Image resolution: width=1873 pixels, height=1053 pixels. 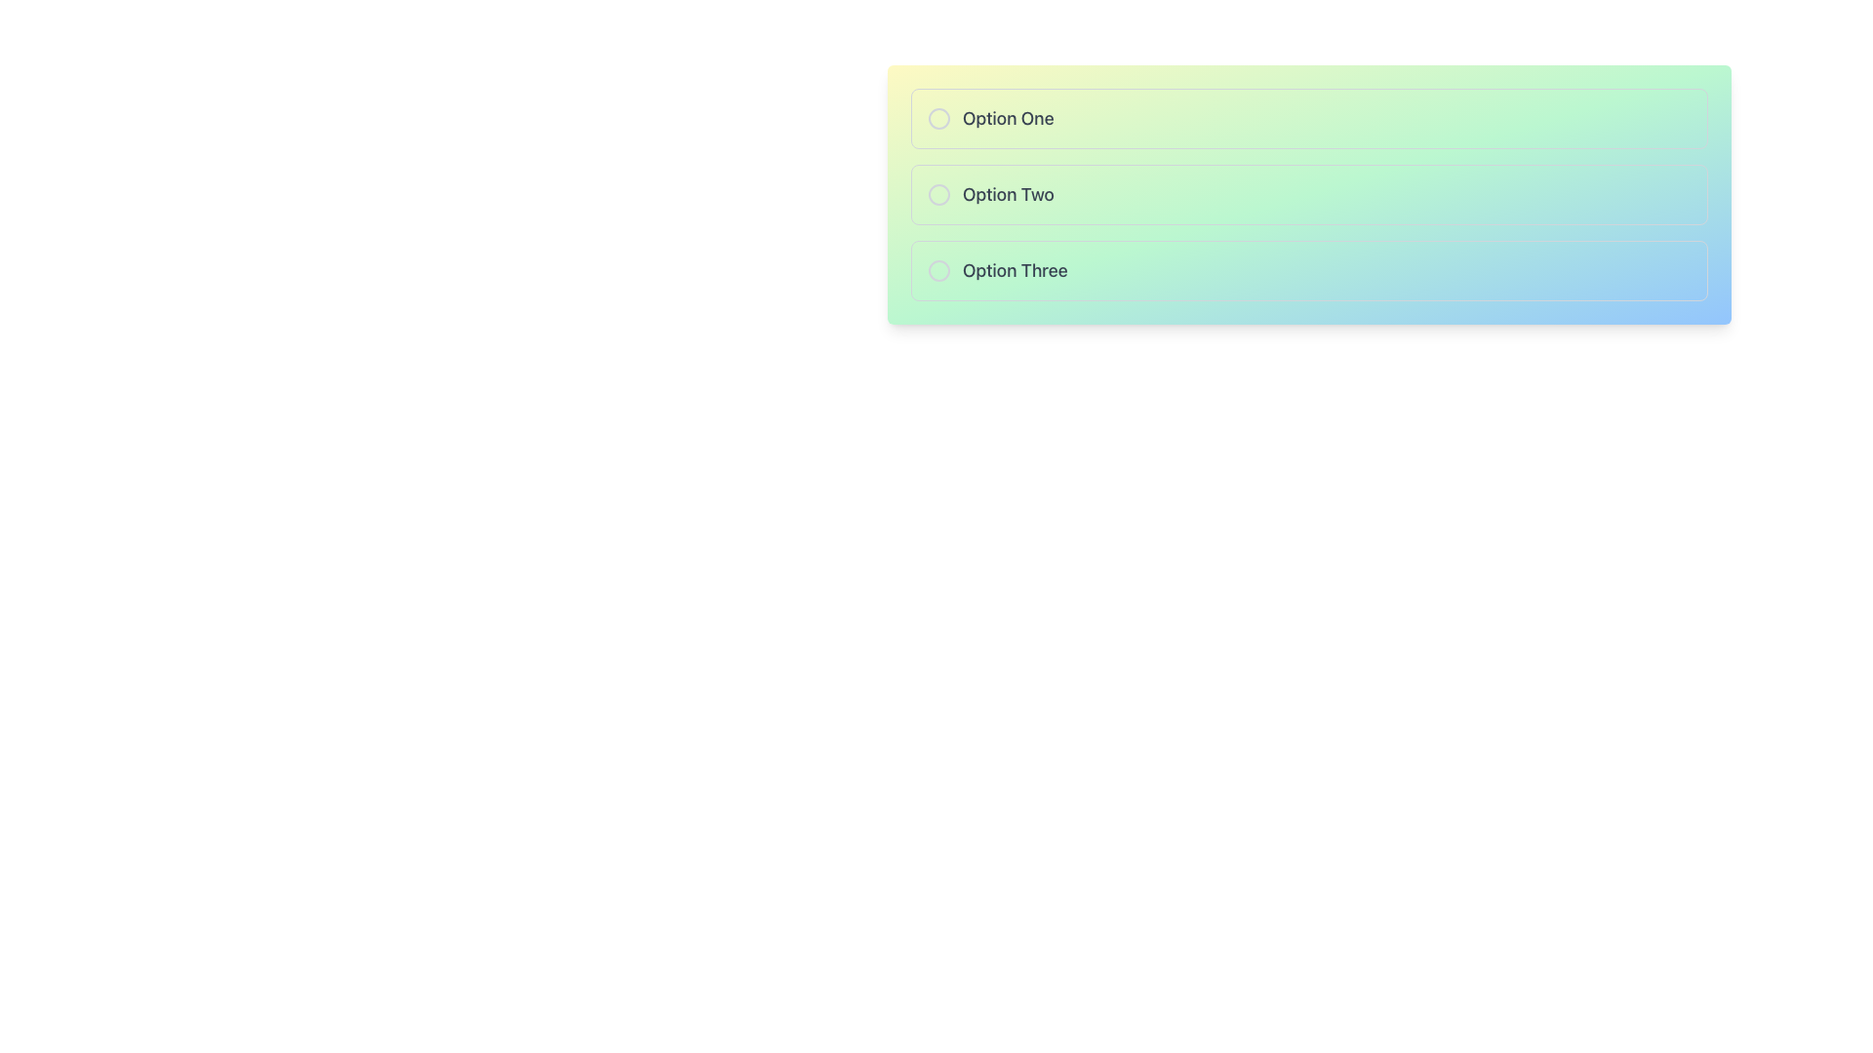 What do you see at coordinates (1008, 119) in the screenshot?
I see `text label 'Option One' which is styled with a medium-sized, bold font and gray color, located centrally within the uppermost option box of a vertical list` at bounding box center [1008, 119].